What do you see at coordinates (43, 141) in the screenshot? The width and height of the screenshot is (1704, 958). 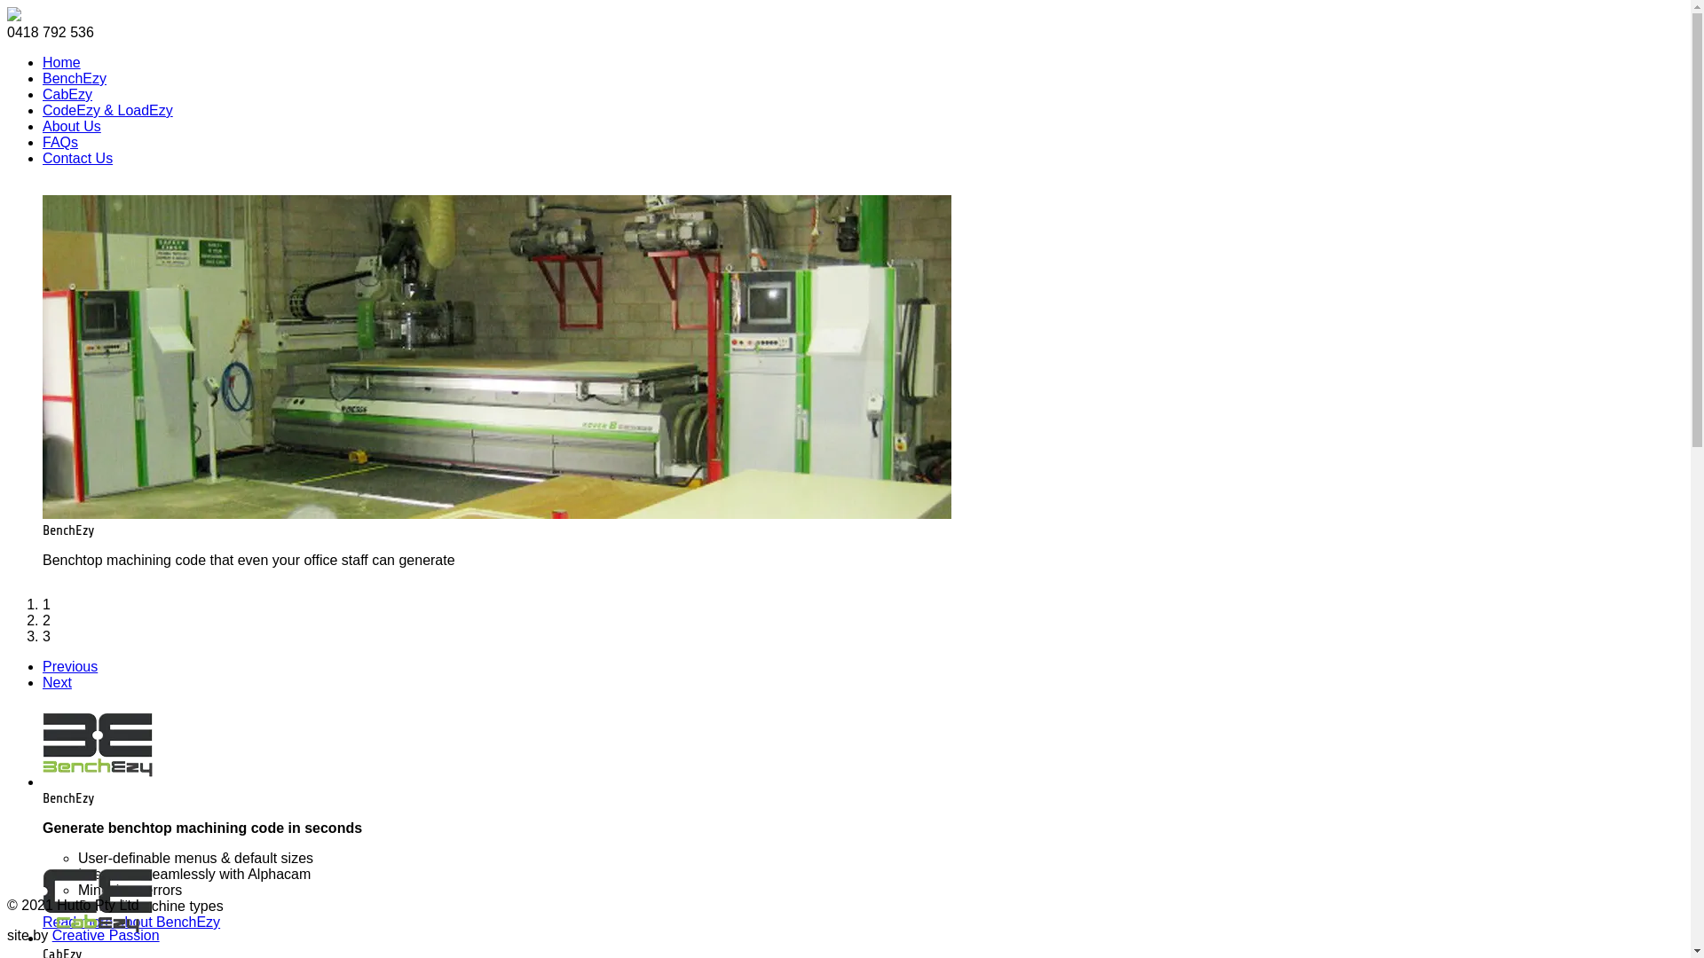 I see `'FAQs'` at bounding box center [43, 141].